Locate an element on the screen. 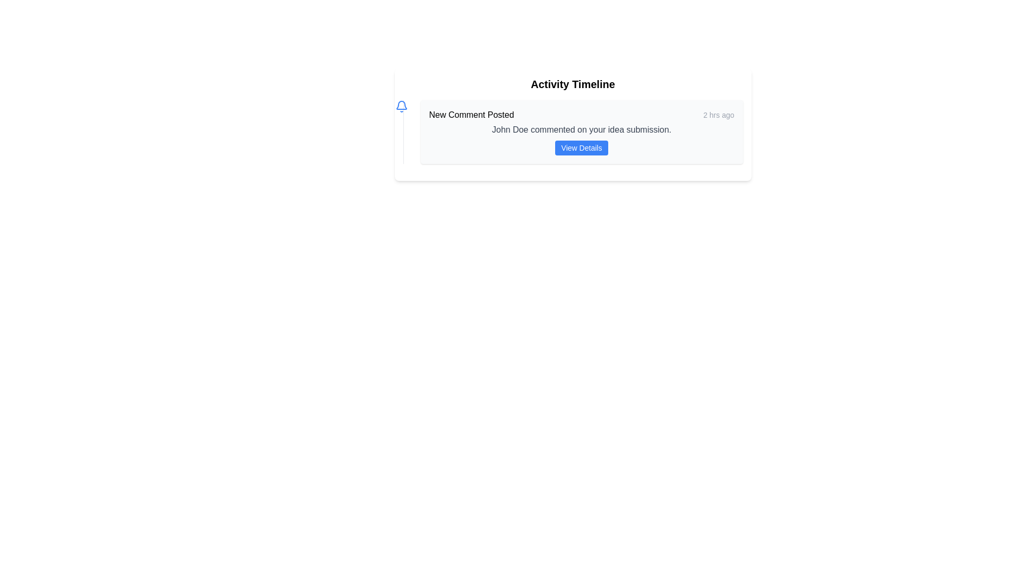 The height and width of the screenshot is (573, 1019). the button located at the bottom-right corner of the notification card associated with the comment from John Doe is located at coordinates (581, 147).